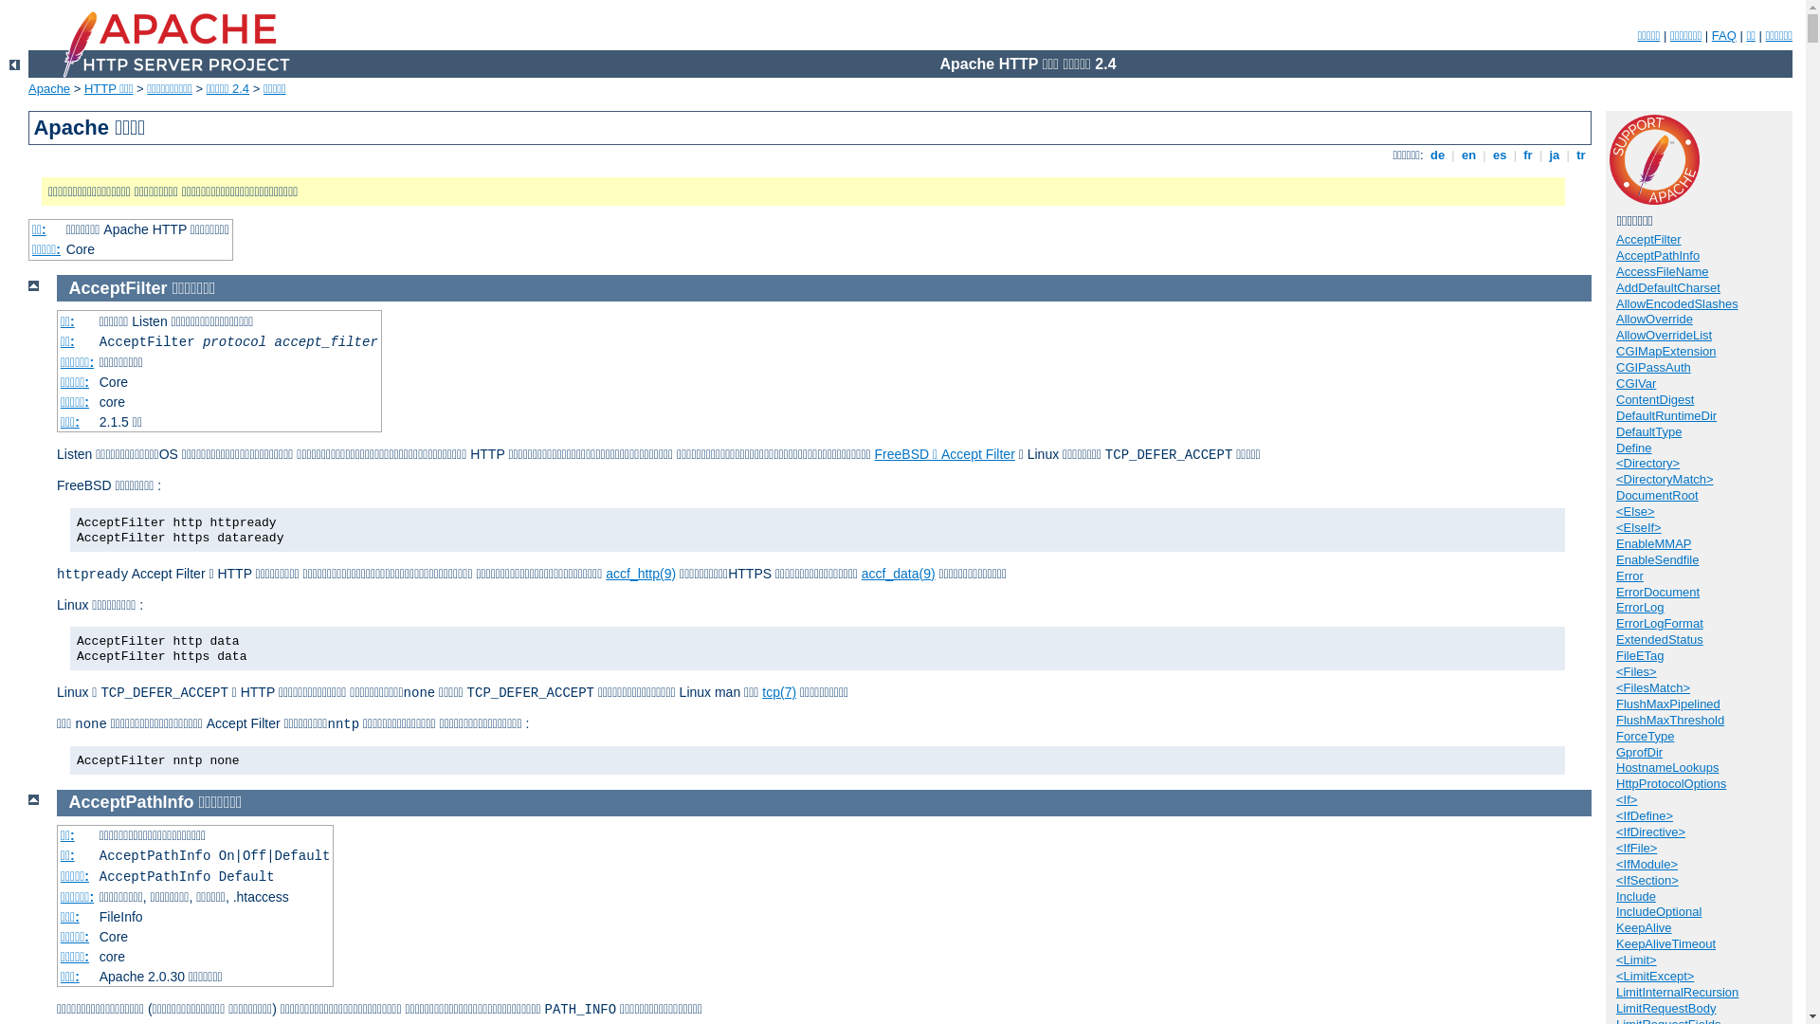 The image size is (1820, 1024). I want to click on 'accf_data(9)', so click(898, 573).